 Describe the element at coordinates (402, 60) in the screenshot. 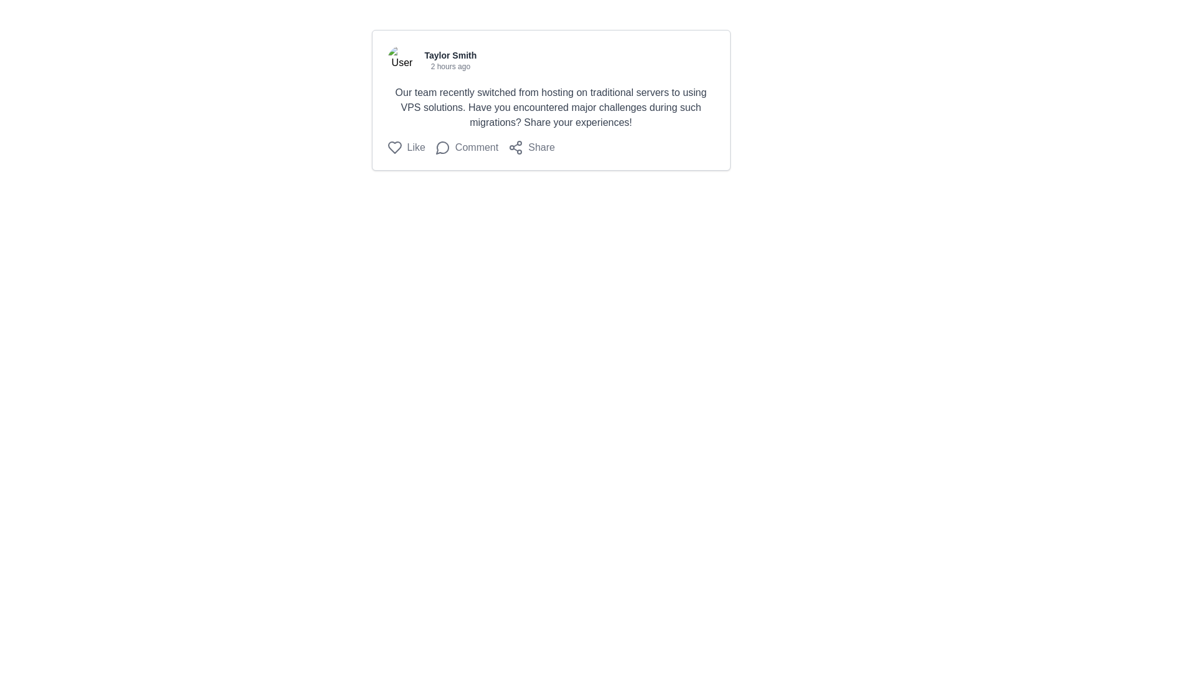

I see `the Profile Picture of the user 'Taylor Smith', which serves as a visual representation of the user's profile, located to the left of the name and timestamp` at that location.